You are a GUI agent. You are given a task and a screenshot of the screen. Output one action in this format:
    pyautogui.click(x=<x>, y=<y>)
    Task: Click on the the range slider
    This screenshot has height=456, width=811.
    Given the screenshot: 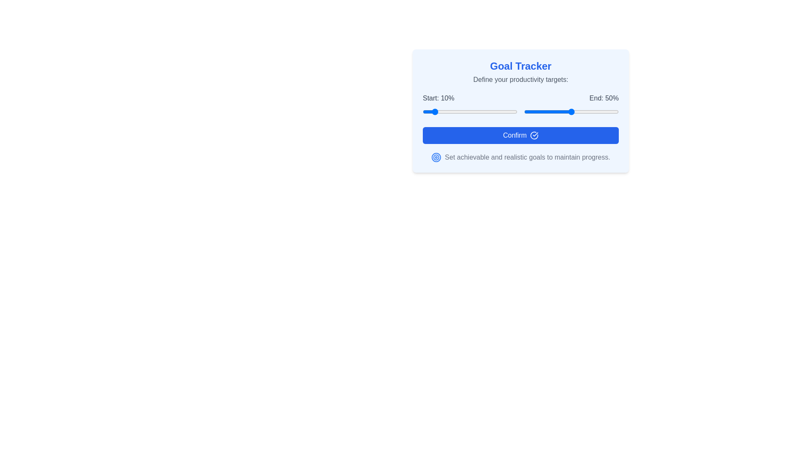 What is the action you would take?
    pyautogui.click(x=520, y=103)
    